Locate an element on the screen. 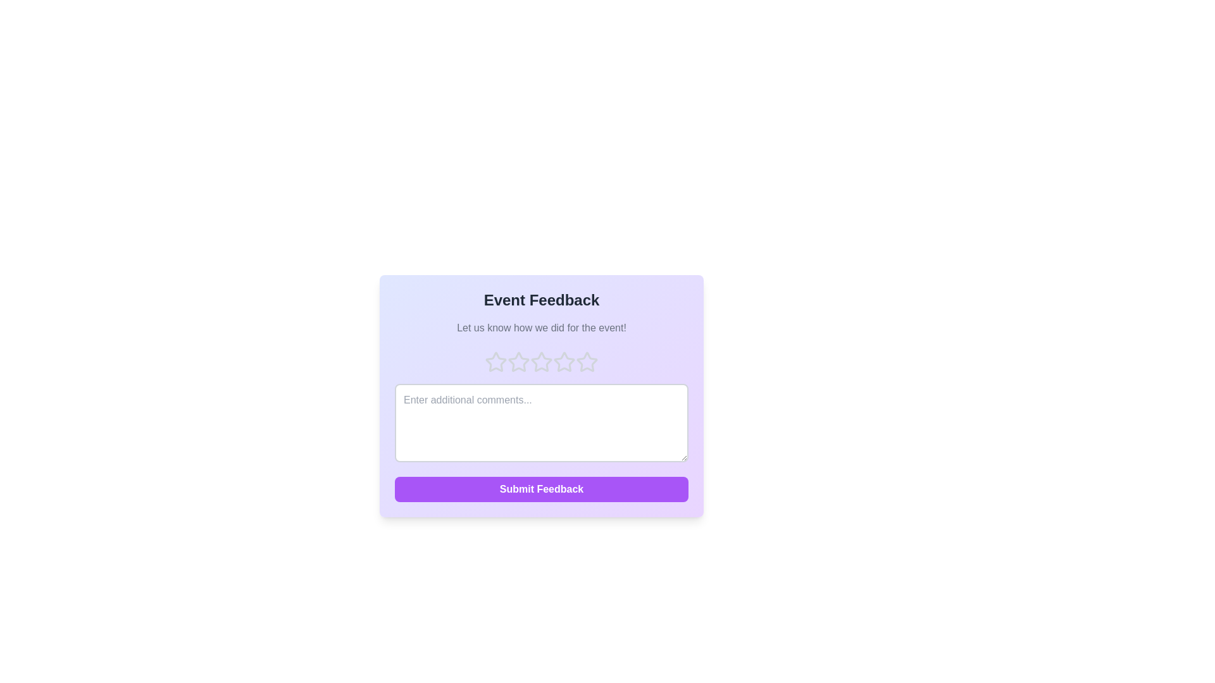 The height and width of the screenshot is (683, 1215). the first star icon is located at coordinates (495, 362).